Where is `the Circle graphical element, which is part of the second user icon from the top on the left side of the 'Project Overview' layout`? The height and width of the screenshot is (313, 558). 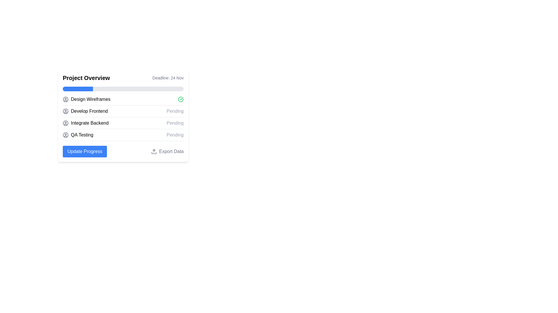 the Circle graphical element, which is part of the second user icon from the top on the left side of the 'Project Overview' layout is located at coordinates (65, 135).